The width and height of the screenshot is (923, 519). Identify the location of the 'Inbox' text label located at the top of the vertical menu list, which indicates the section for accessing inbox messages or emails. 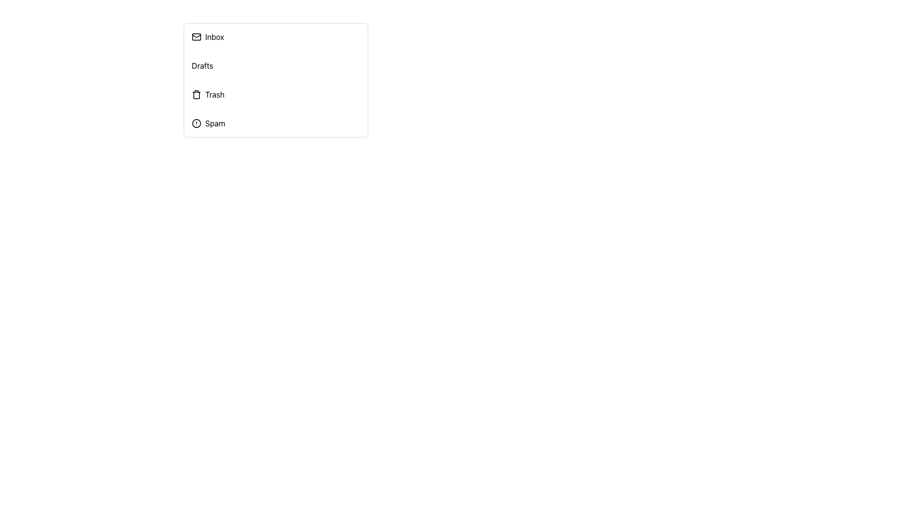
(214, 37).